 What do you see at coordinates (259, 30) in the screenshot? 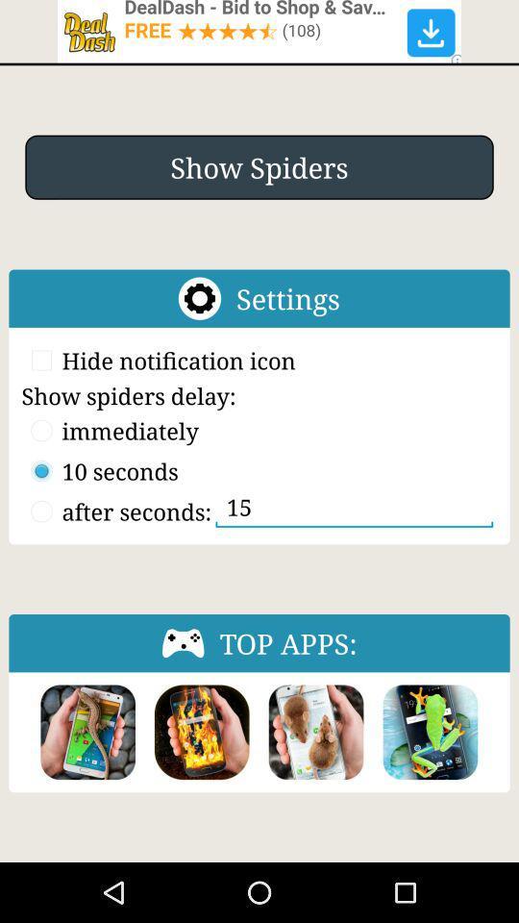
I see `advertisement banner` at bounding box center [259, 30].